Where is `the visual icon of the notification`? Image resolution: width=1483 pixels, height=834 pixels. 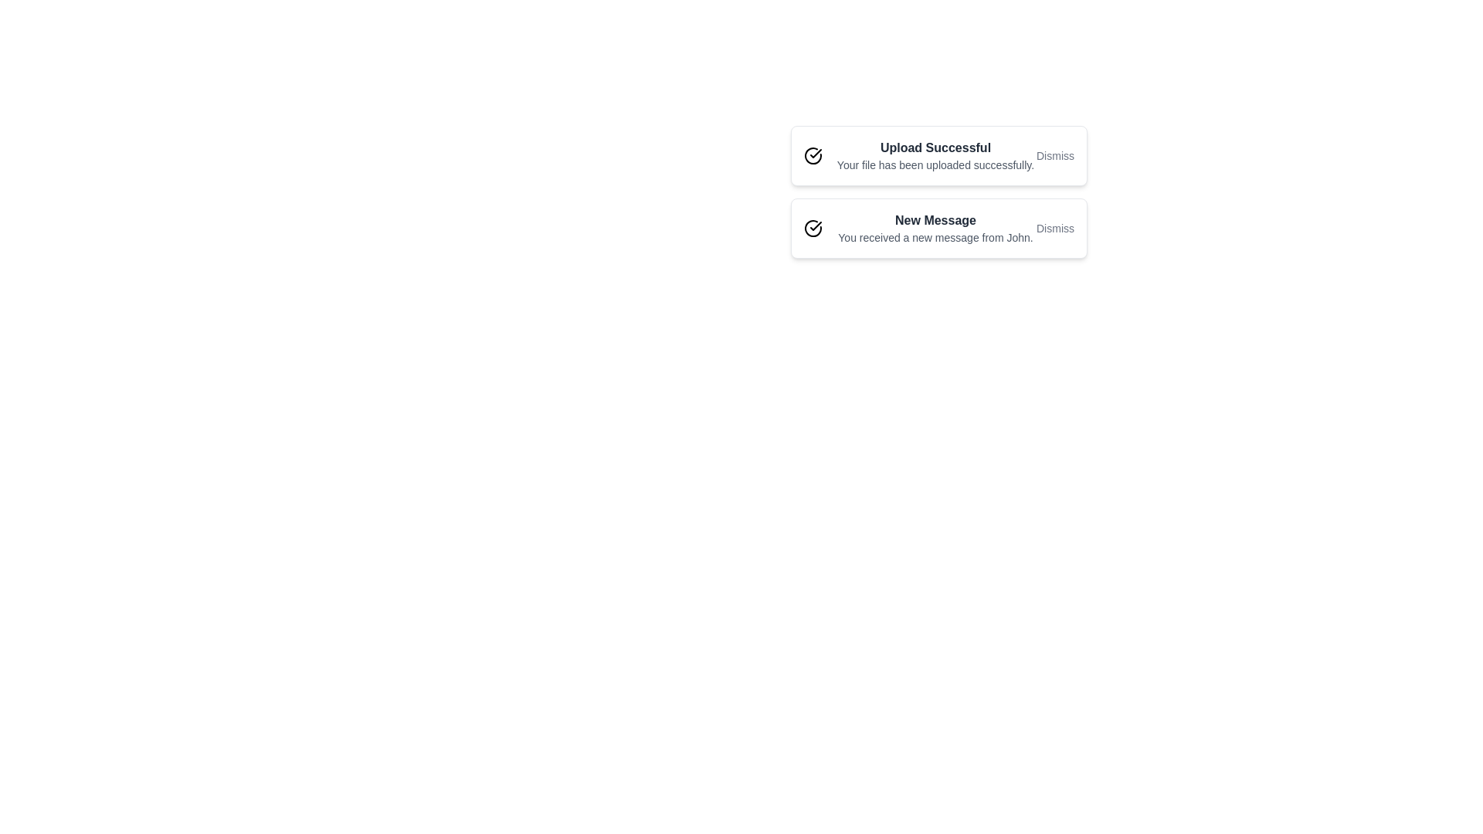
the visual icon of the notification is located at coordinates (812, 155).